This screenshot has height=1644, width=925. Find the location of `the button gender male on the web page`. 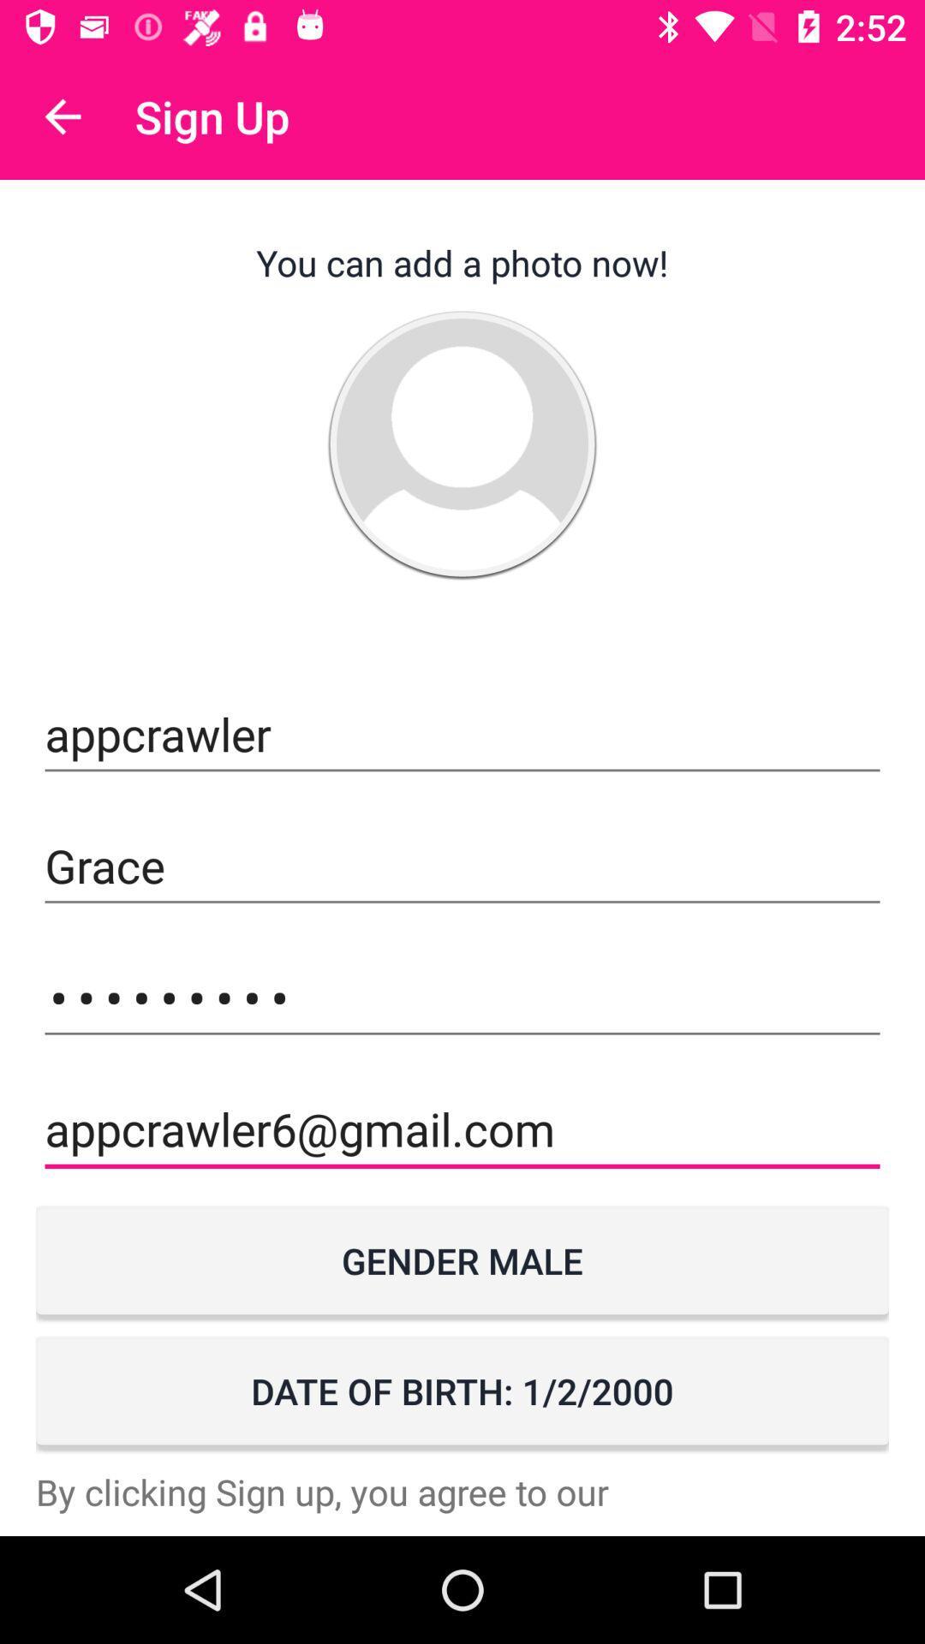

the button gender male on the web page is located at coordinates (462, 1260).